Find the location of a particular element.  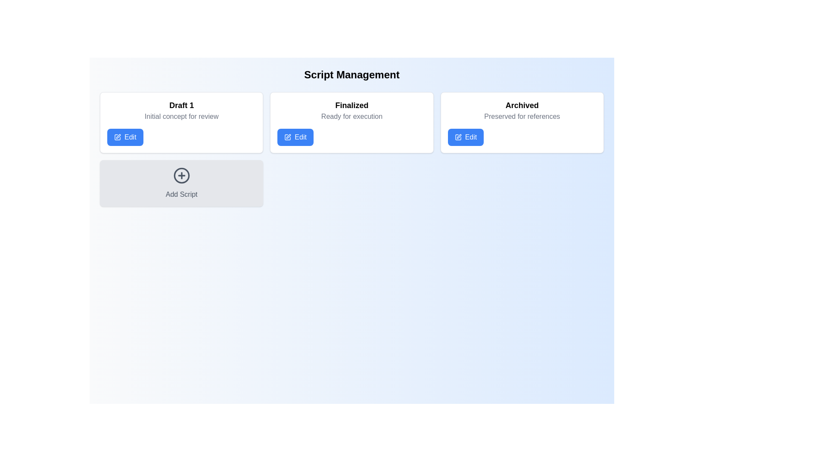

the text label providing additional information or context associated with the header 'Draft 1', which is located directly below 'Draft 1' and above the 'Edit' button is located at coordinates (181, 116).